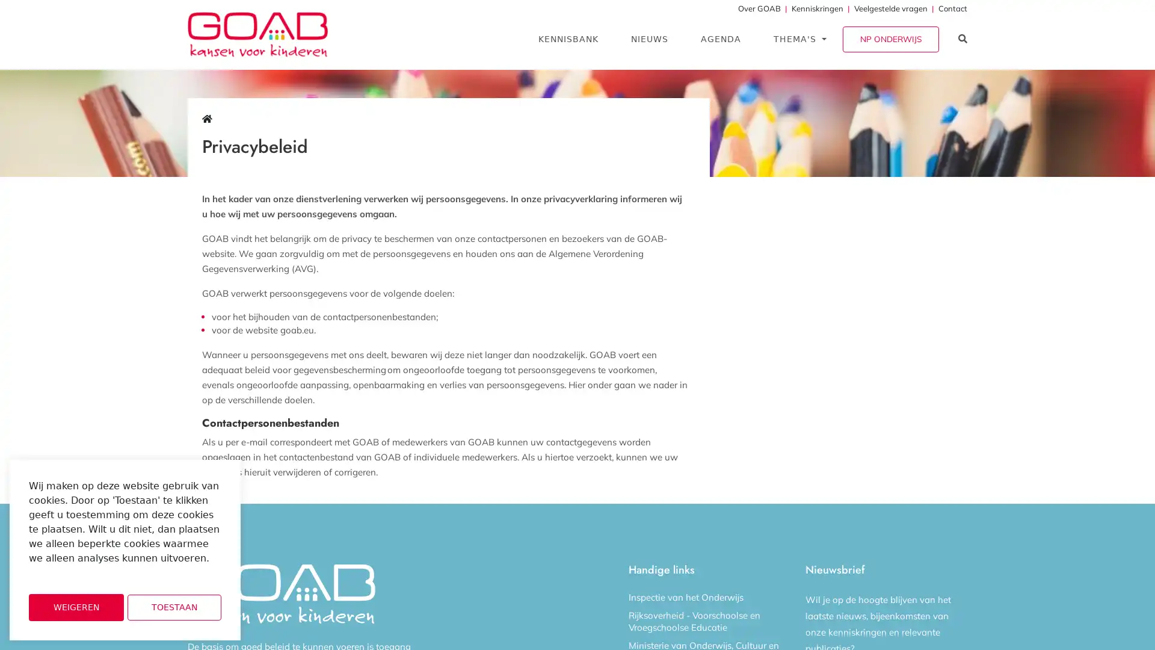 The width and height of the screenshot is (1155, 650). I want to click on learn more about cookies, so click(60, 574).